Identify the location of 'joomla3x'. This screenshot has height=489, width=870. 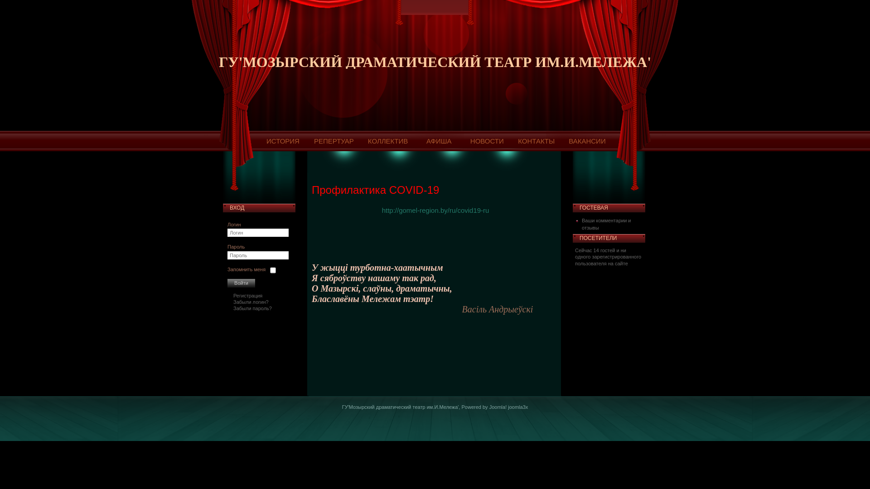
(517, 406).